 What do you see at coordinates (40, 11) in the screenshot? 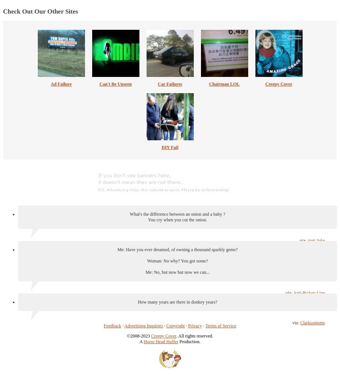
I see `'Check Out Our Other Sites'` at bounding box center [40, 11].